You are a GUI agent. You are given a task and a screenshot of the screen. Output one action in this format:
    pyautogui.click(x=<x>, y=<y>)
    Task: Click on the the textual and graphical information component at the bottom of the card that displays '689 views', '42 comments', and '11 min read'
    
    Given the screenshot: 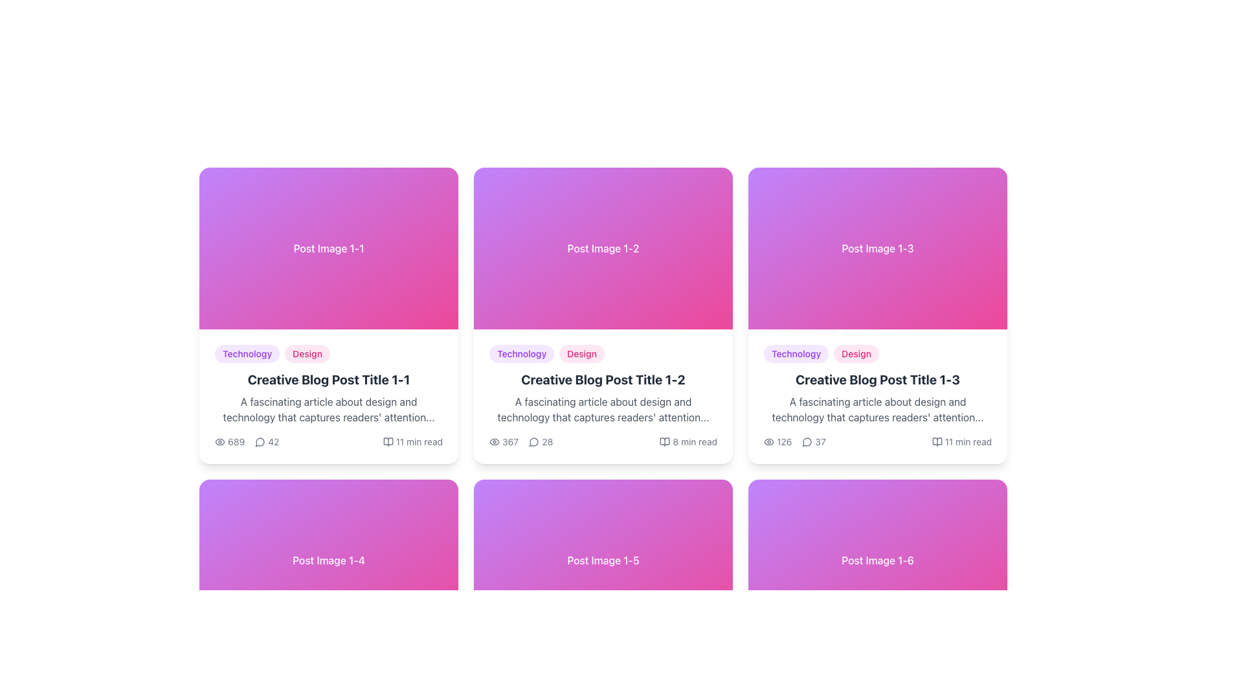 What is the action you would take?
    pyautogui.click(x=329, y=441)
    